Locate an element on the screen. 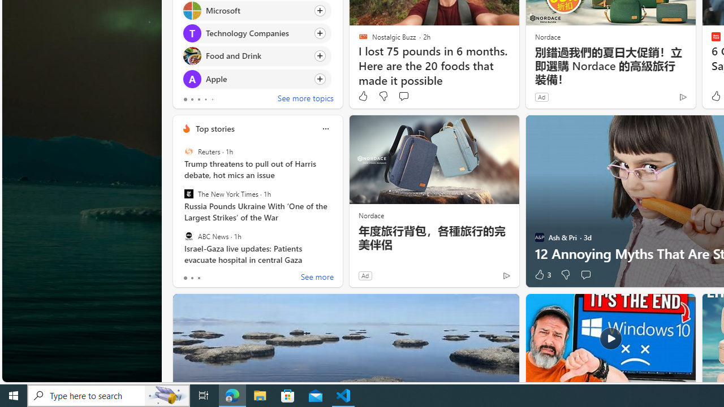 This screenshot has width=724, height=407. 'tab-1' is located at coordinates (192, 278).